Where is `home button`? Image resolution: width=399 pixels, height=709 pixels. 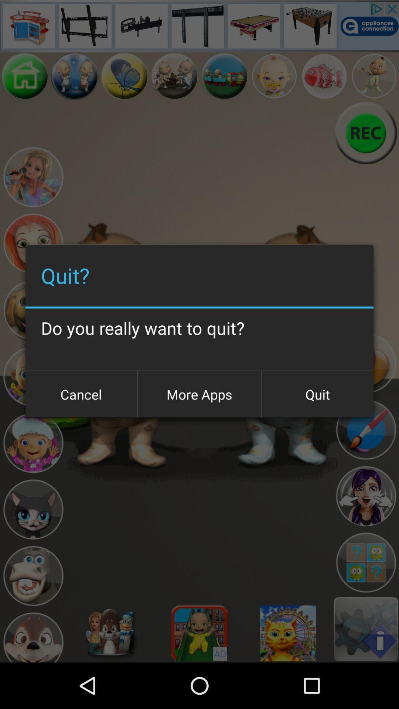
home button is located at coordinates (24, 76).